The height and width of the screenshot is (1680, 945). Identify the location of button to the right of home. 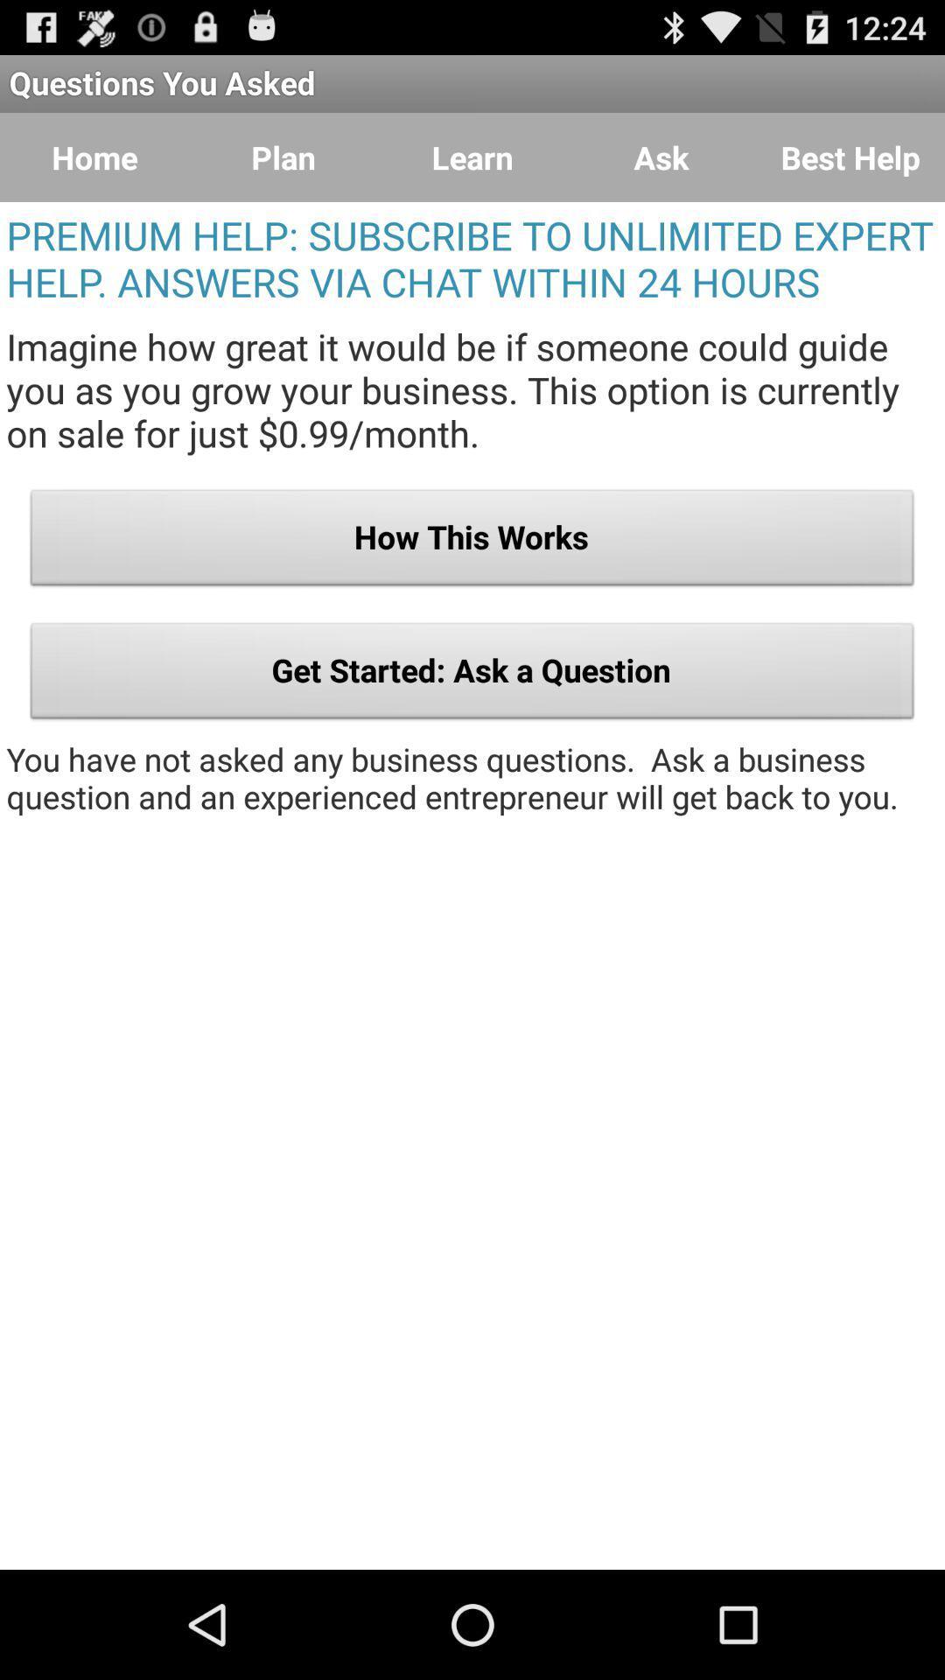
(283, 157).